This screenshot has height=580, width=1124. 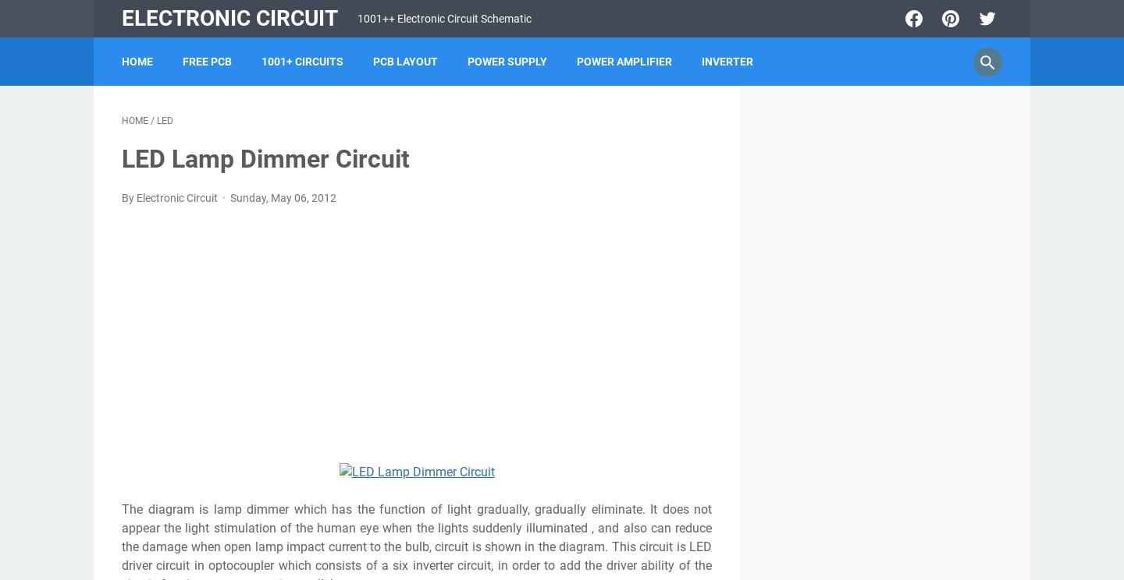 I want to click on 'Power Supply', so click(x=507, y=62).